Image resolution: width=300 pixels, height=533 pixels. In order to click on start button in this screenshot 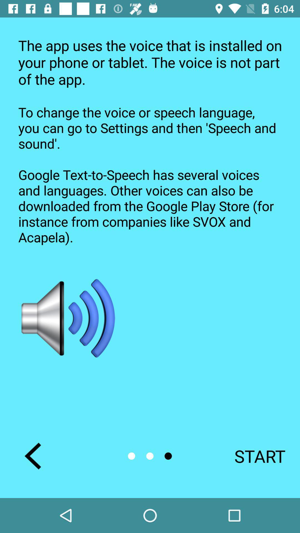, I will do `click(252, 456)`.